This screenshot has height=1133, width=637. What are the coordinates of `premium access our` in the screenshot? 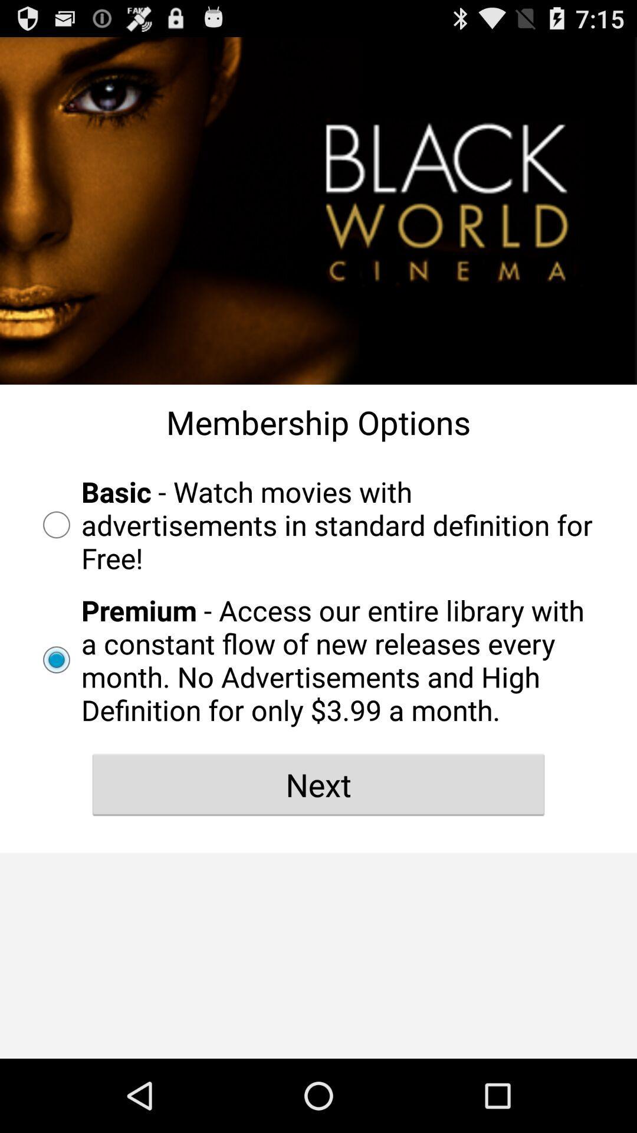 It's located at (318, 659).